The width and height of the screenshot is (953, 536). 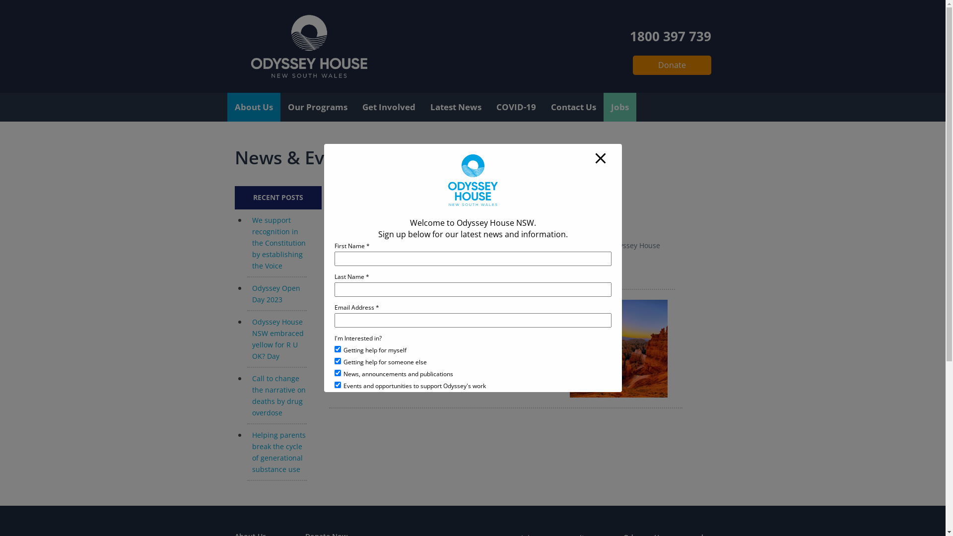 What do you see at coordinates (455, 107) in the screenshot?
I see `'Latest News'` at bounding box center [455, 107].